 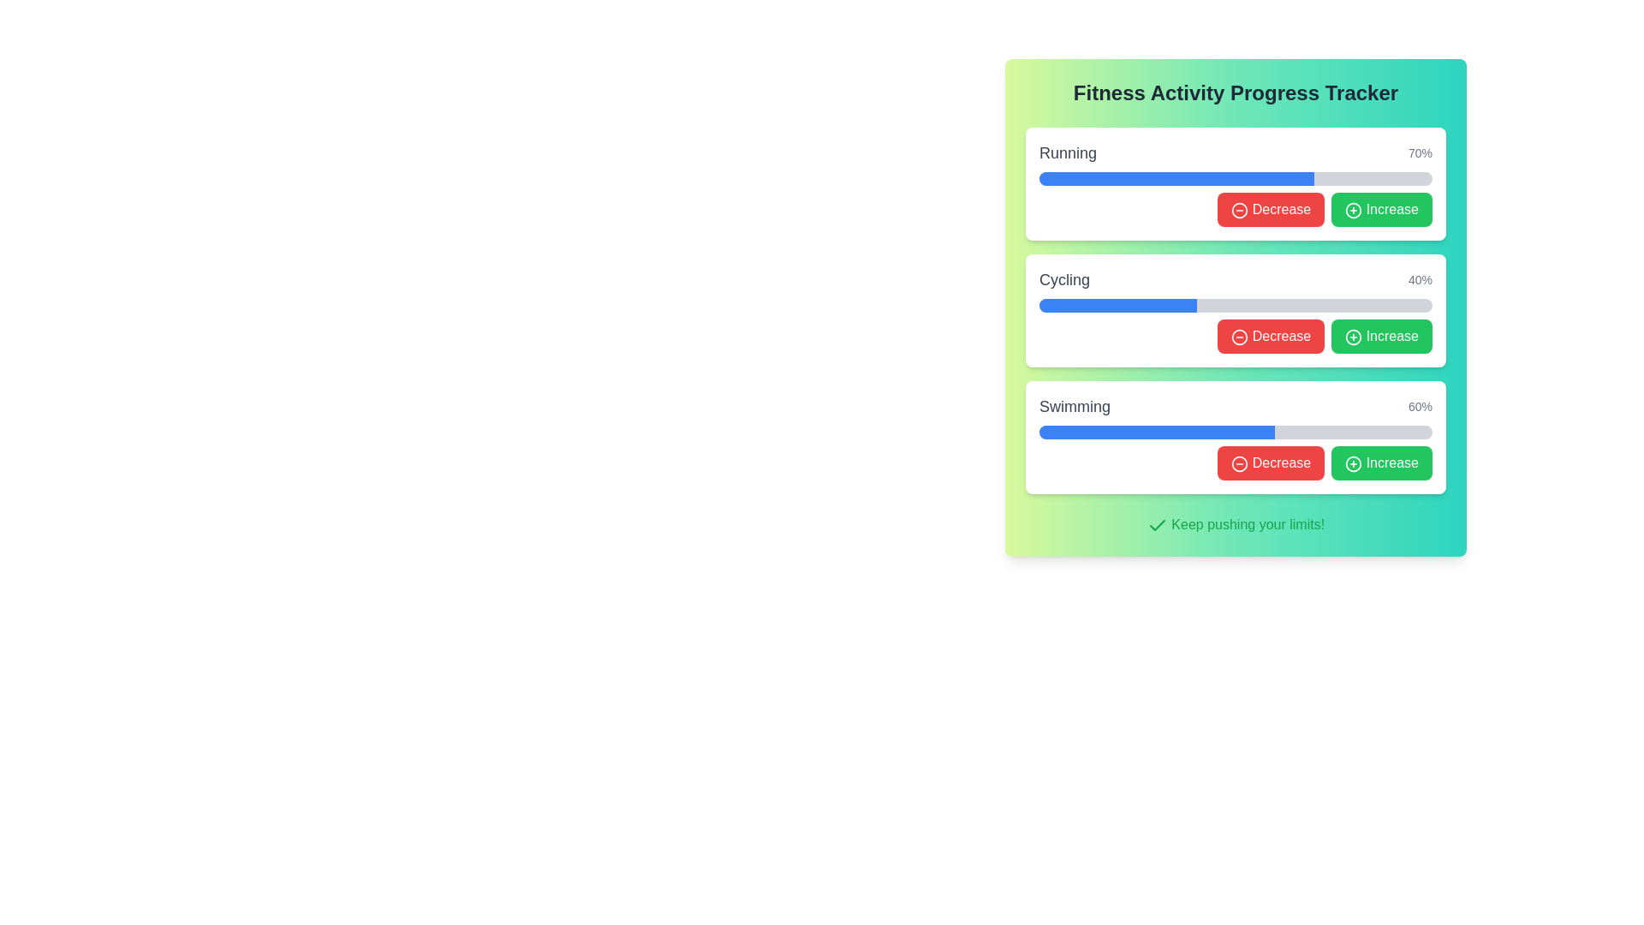 What do you see at coordinates (1382, 462) in the screenshot?
I see `the 'Increase' button for the 'Swimming' activity, which is the second button on the right in the control group at the bottom of the activity trackers` at bounding box center [1382, 462].